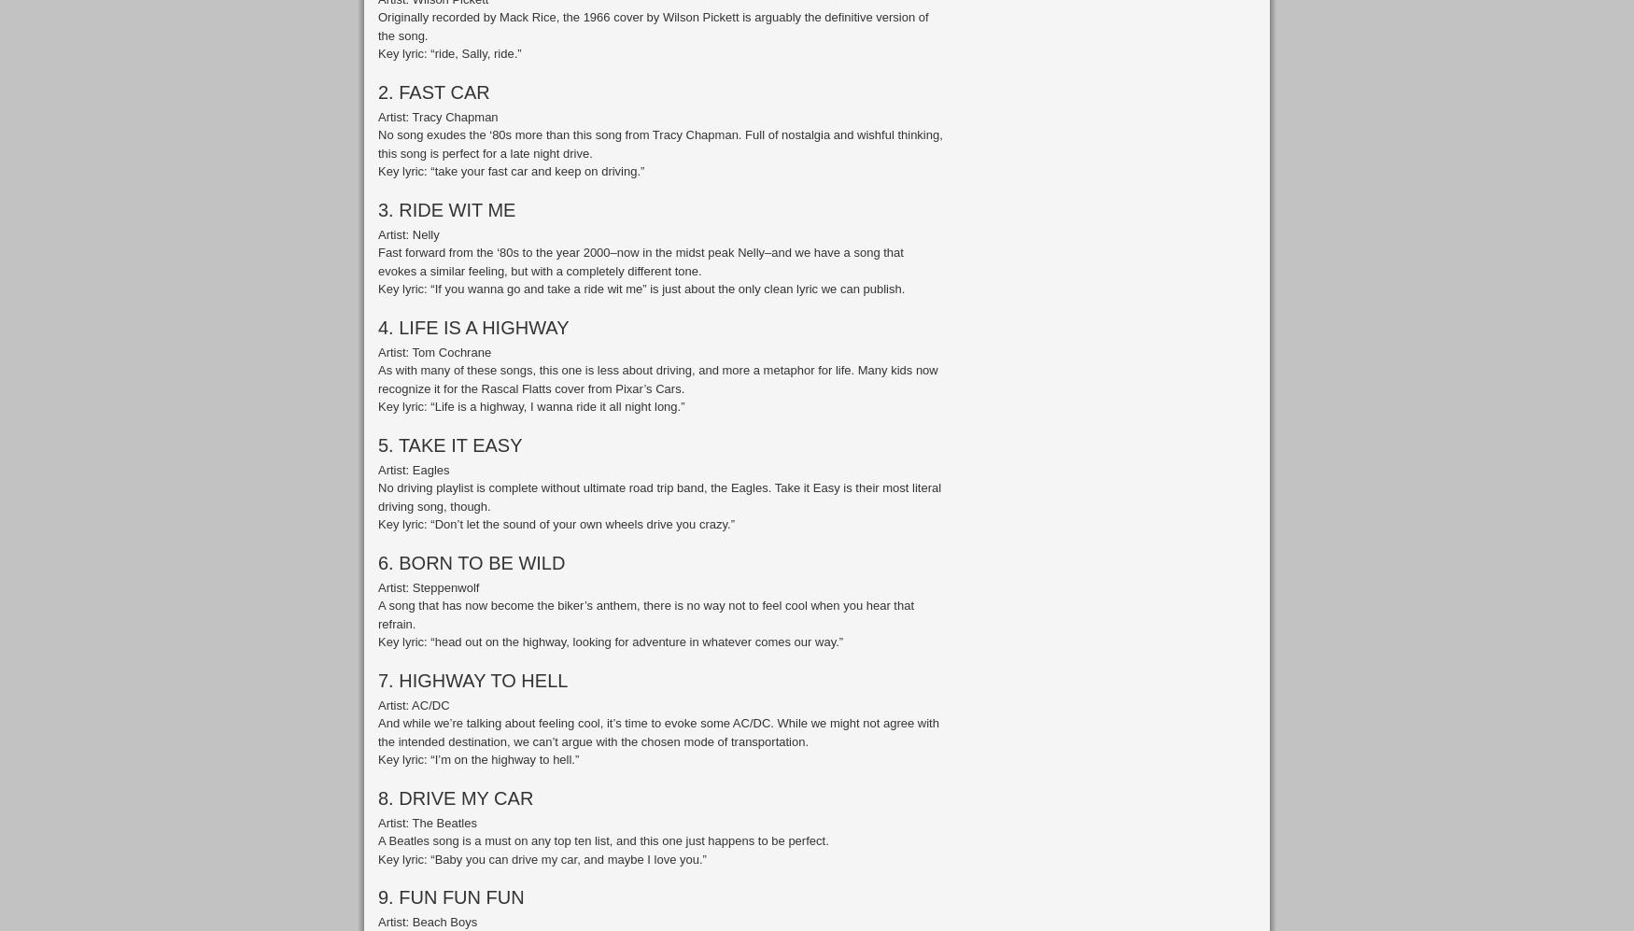 The height and width of the screenshot is (931, 1634). I want to click on '6. born to be wild', so click(471, 560).